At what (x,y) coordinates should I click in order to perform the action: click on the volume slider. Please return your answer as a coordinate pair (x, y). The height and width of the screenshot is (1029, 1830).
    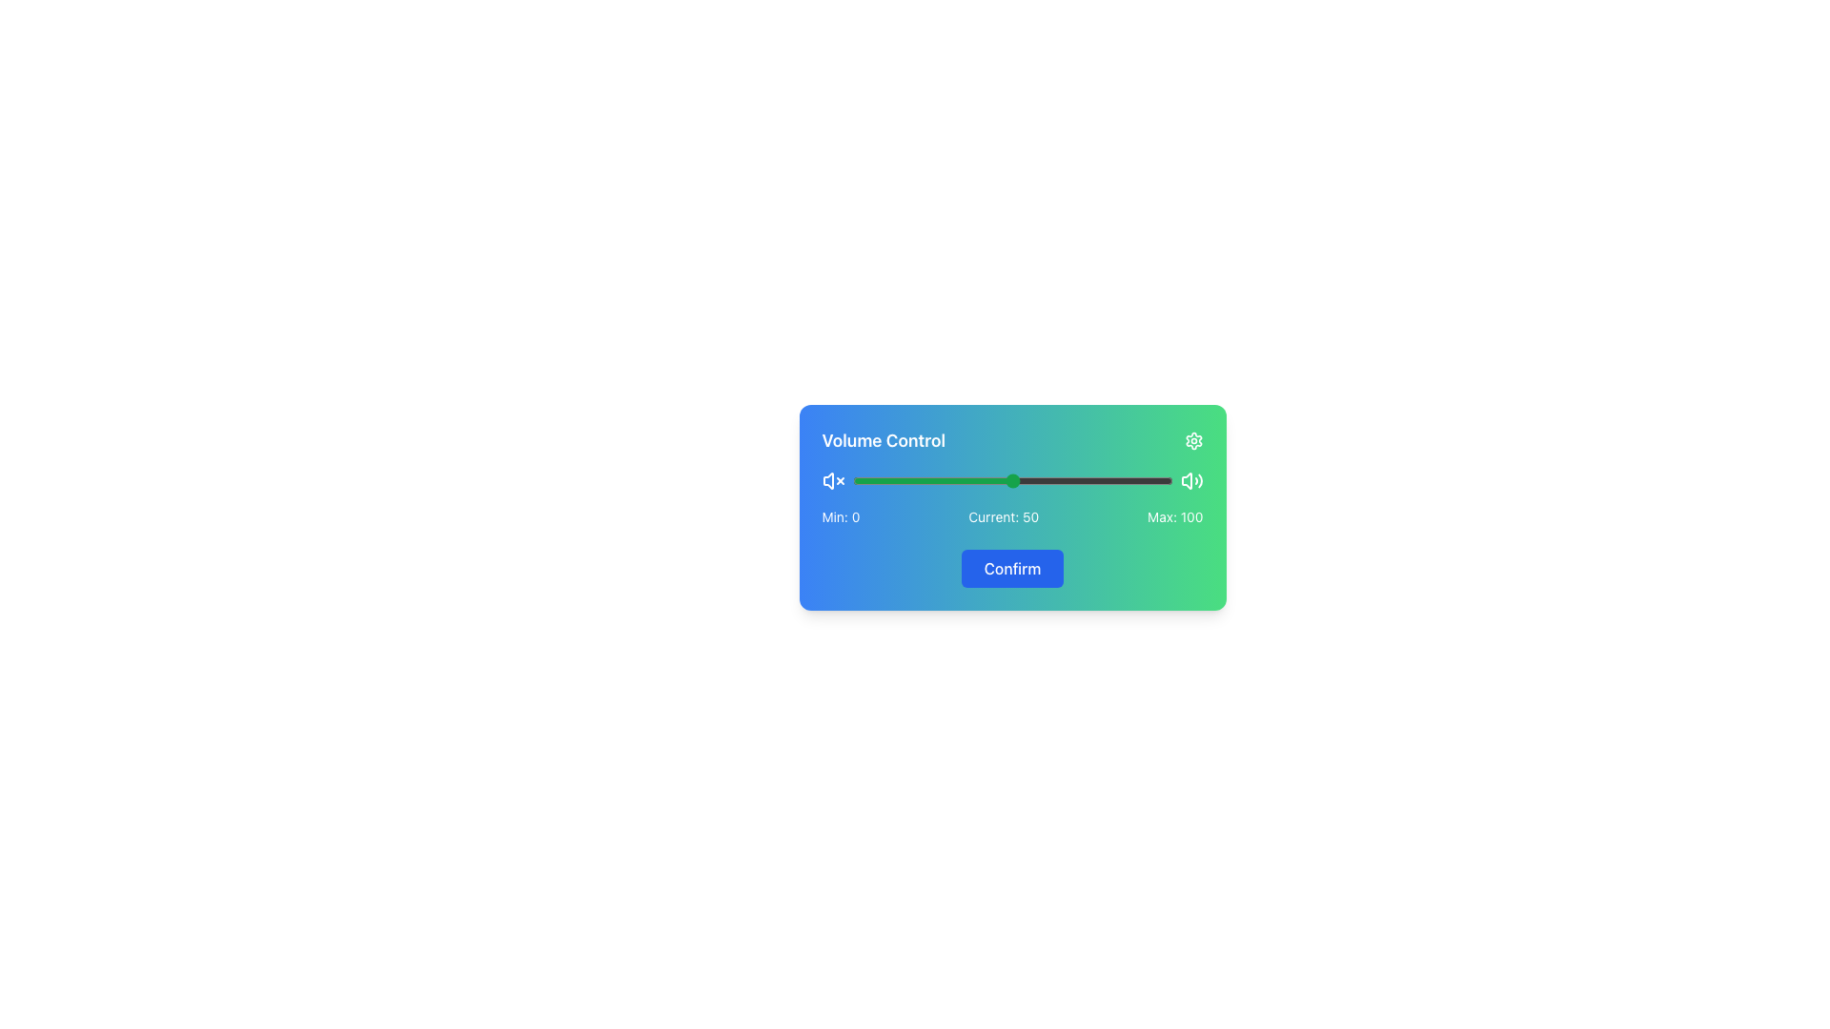
    Looking at the image, I should click on (1146, 480).